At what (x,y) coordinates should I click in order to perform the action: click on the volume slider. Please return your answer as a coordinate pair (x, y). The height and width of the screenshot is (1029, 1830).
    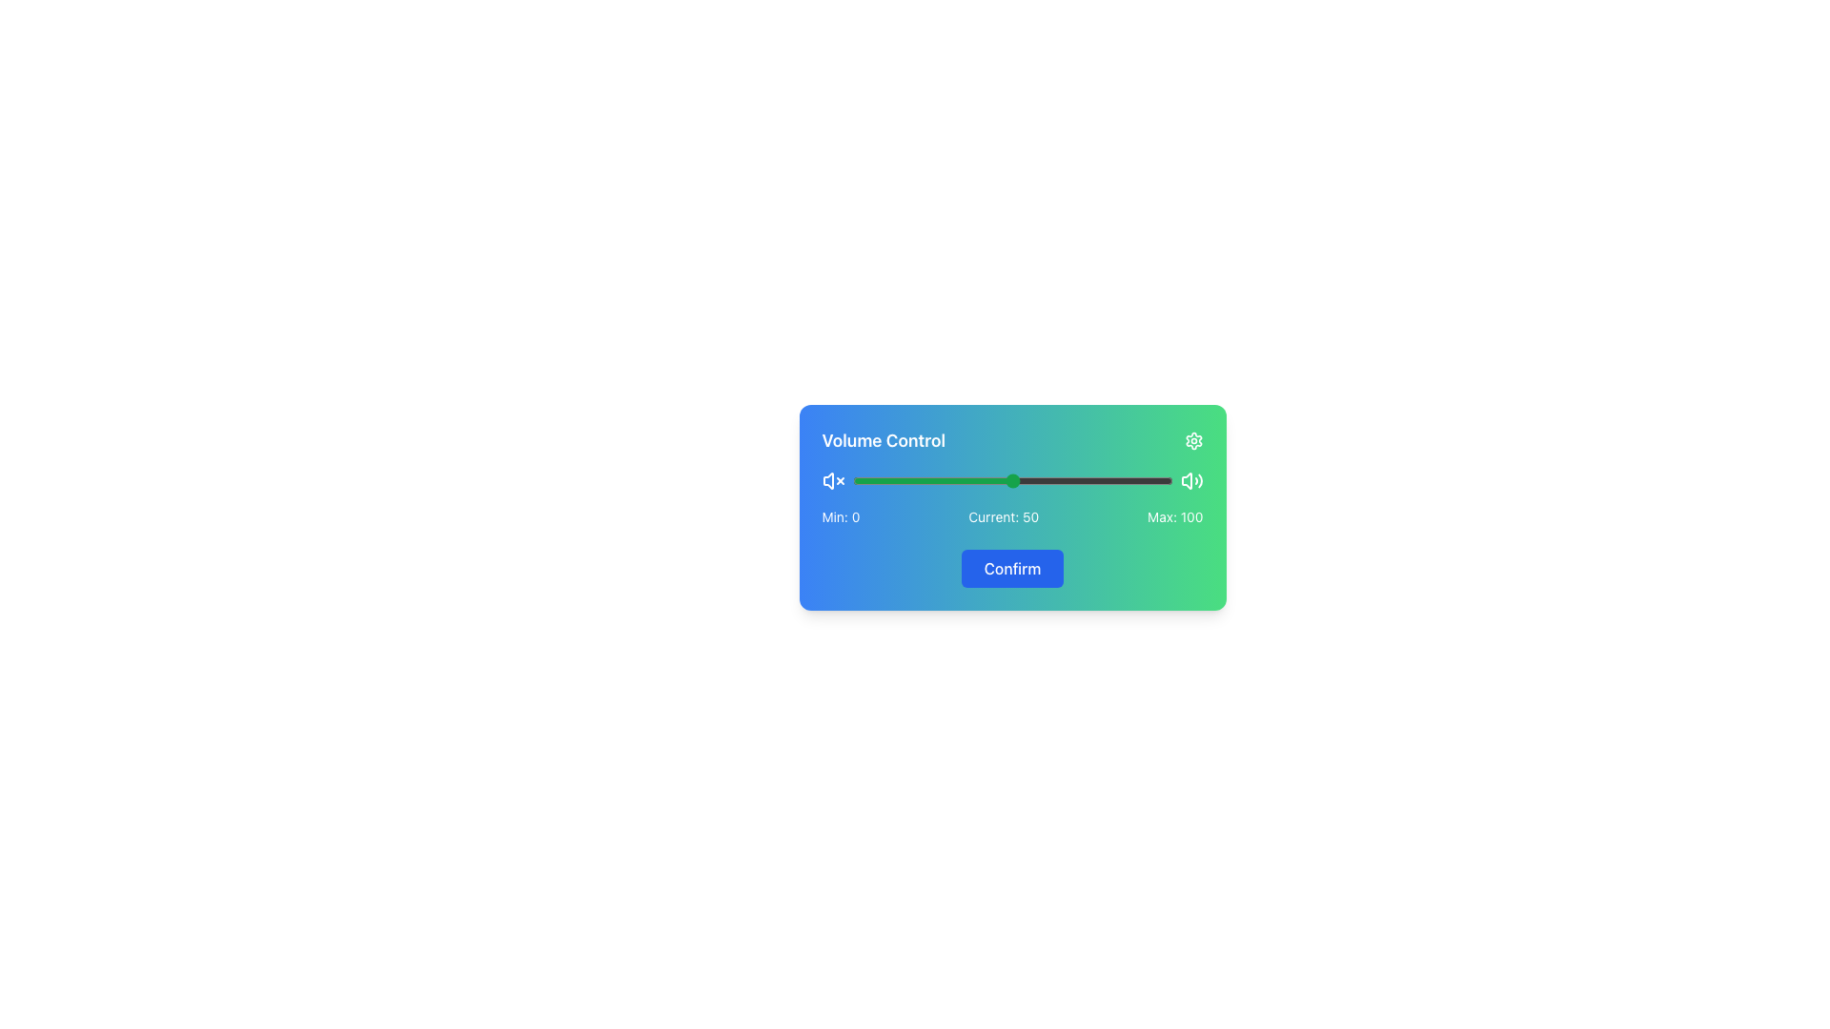
    Looking at the image, I should click on (1146, 480).